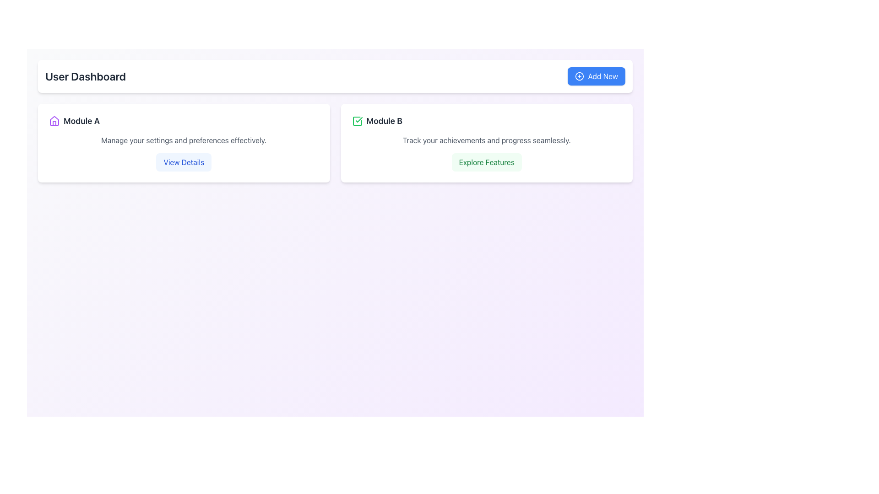 Image resolution: width=879 pixels, height=494 pixels. I want to click on the purple house icon located to the left of the 'Module A' label at the top-left corner of the card, so click(54, 121).